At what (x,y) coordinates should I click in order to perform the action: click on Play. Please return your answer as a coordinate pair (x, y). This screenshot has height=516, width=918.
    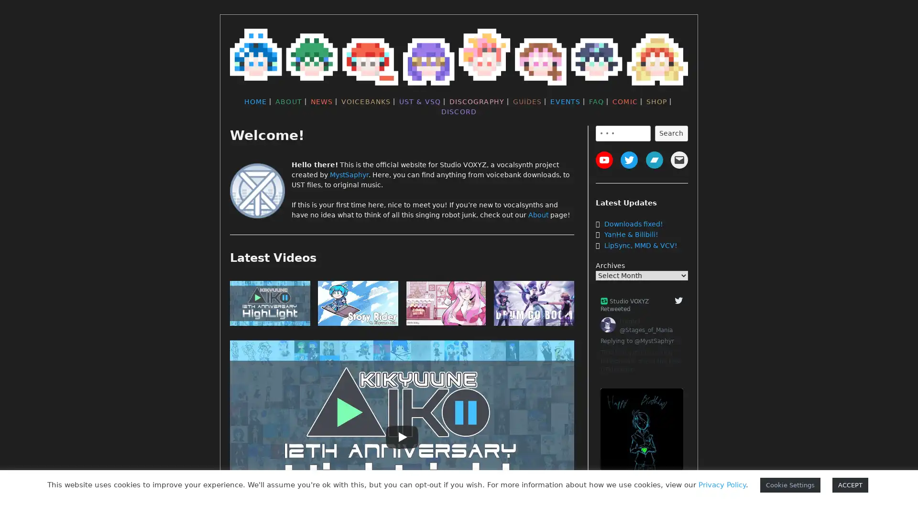
    Looking at the image, I should click on (402, 437).